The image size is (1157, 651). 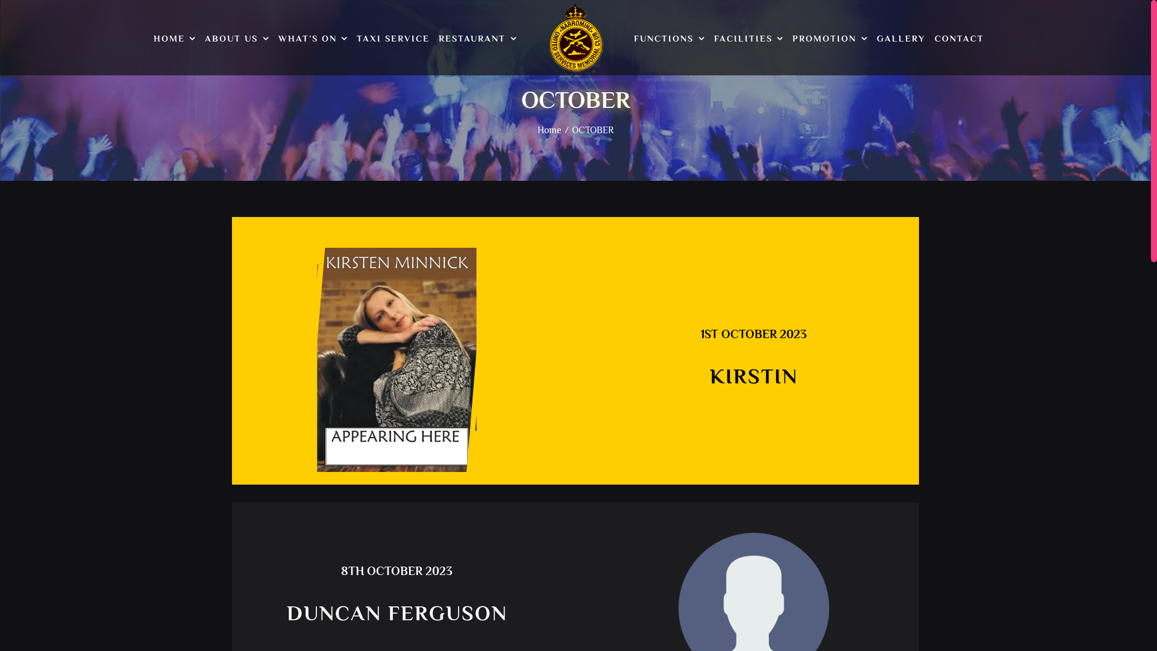 What do you see at coordinates (829, 39) in the screenshot?
I see `'PROMOTION'` at bounding box center [829, 39].